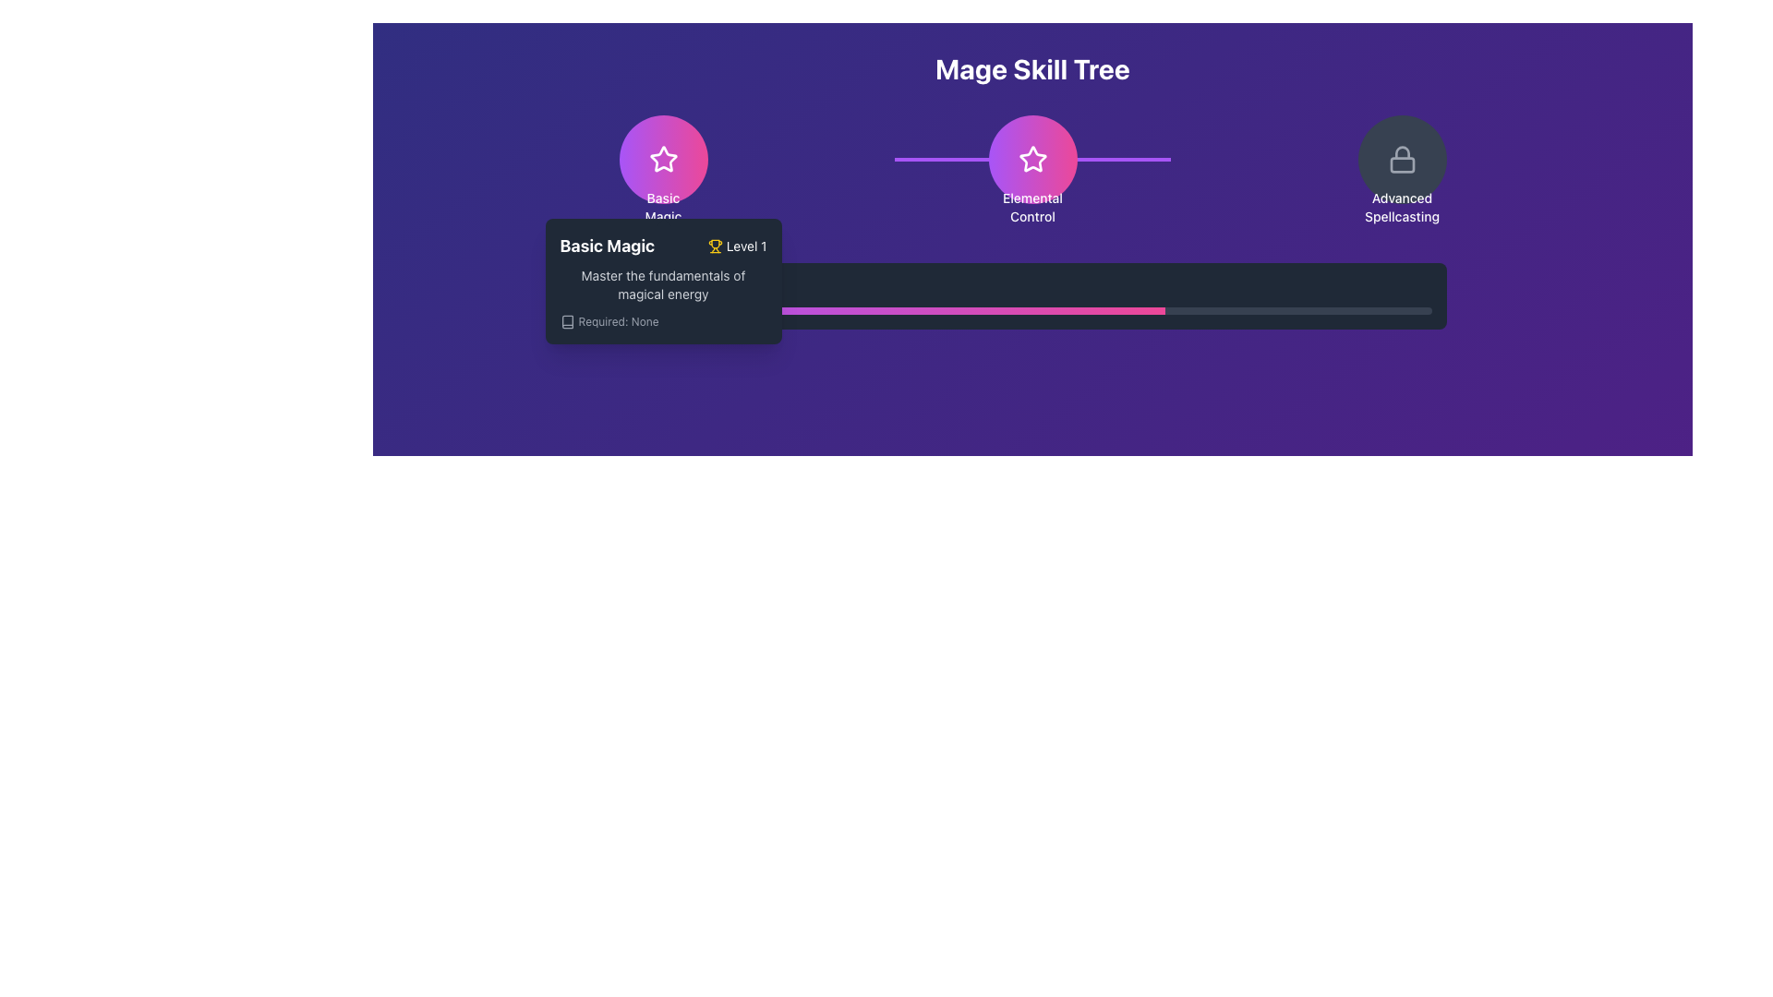 The image size is (1773, 997). Describe the element at coordinates (1402, 159) in the screenshot. I see `the lock icon styled with a gray color, located within a circular dark gray background in the top-right portion of the interface under 'Advanced Spellcasting'` at that location.